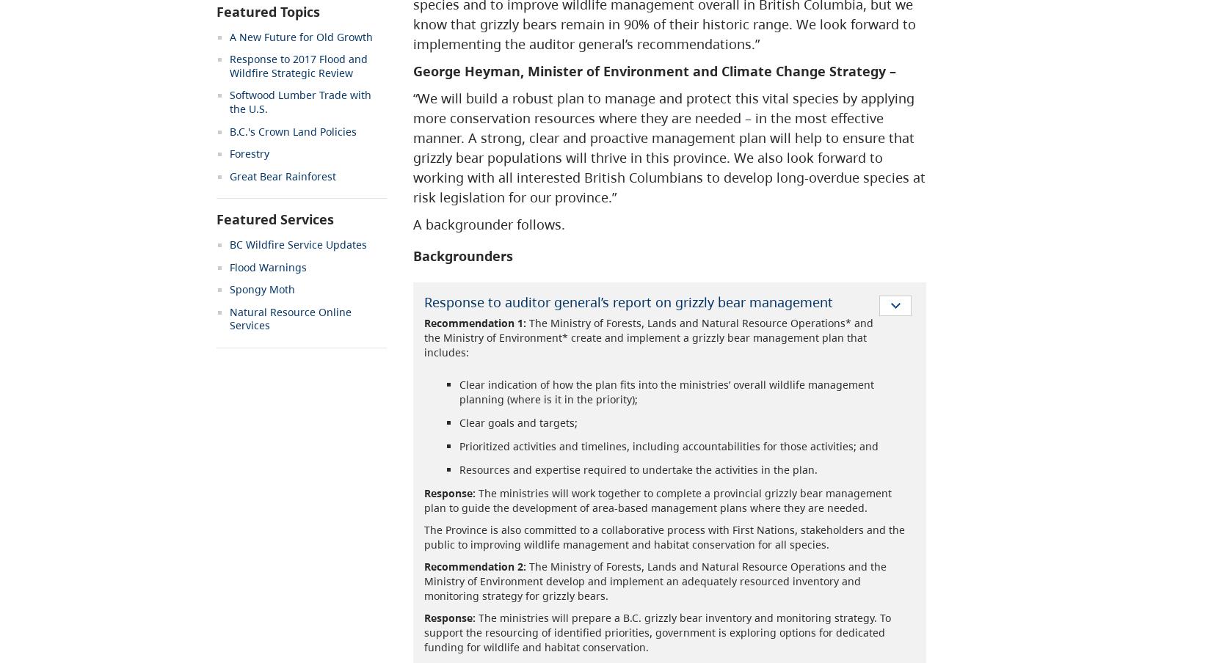 This screenshot has height=663, width=1211. What do you see at coordinates (411, 147) in the screenshot?
I see `'“We will build a robust plan to manage and protect this vital species by applying more conservation resources where they are needed – in the most effective manner. A strong, clear and proactive management plan will help to ensure that grizzly bear populations will thrive in this province. We also look forward to working with all interested British Columbians to develop long-overdue species at risk legislation for our province.”'` at bounding box center [411, 147].